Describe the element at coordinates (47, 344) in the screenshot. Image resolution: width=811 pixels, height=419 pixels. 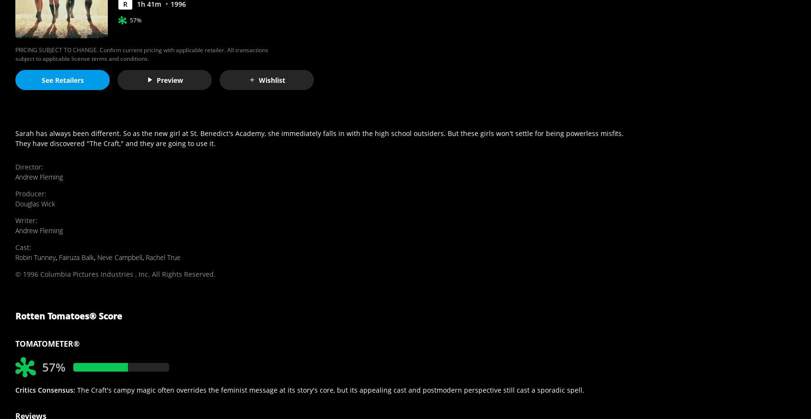
I see `'TOMATOMETER®'` at that location.